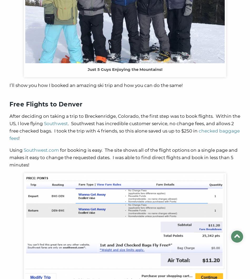 The height and width of the screenshot is (279, 250). What do you see at coordinates (9, 134) in the screenshot?
I see `'checked baggage fees'` at bounding box center [9, 134].